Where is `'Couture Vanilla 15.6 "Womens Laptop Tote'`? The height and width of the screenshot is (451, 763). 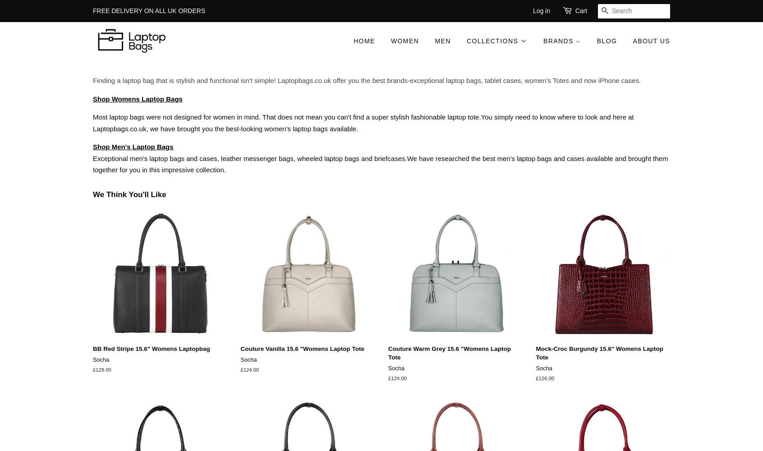
'Couture Vanilla 15.6 "Womens Laptop Tote' is located at coordinates (302, 349).